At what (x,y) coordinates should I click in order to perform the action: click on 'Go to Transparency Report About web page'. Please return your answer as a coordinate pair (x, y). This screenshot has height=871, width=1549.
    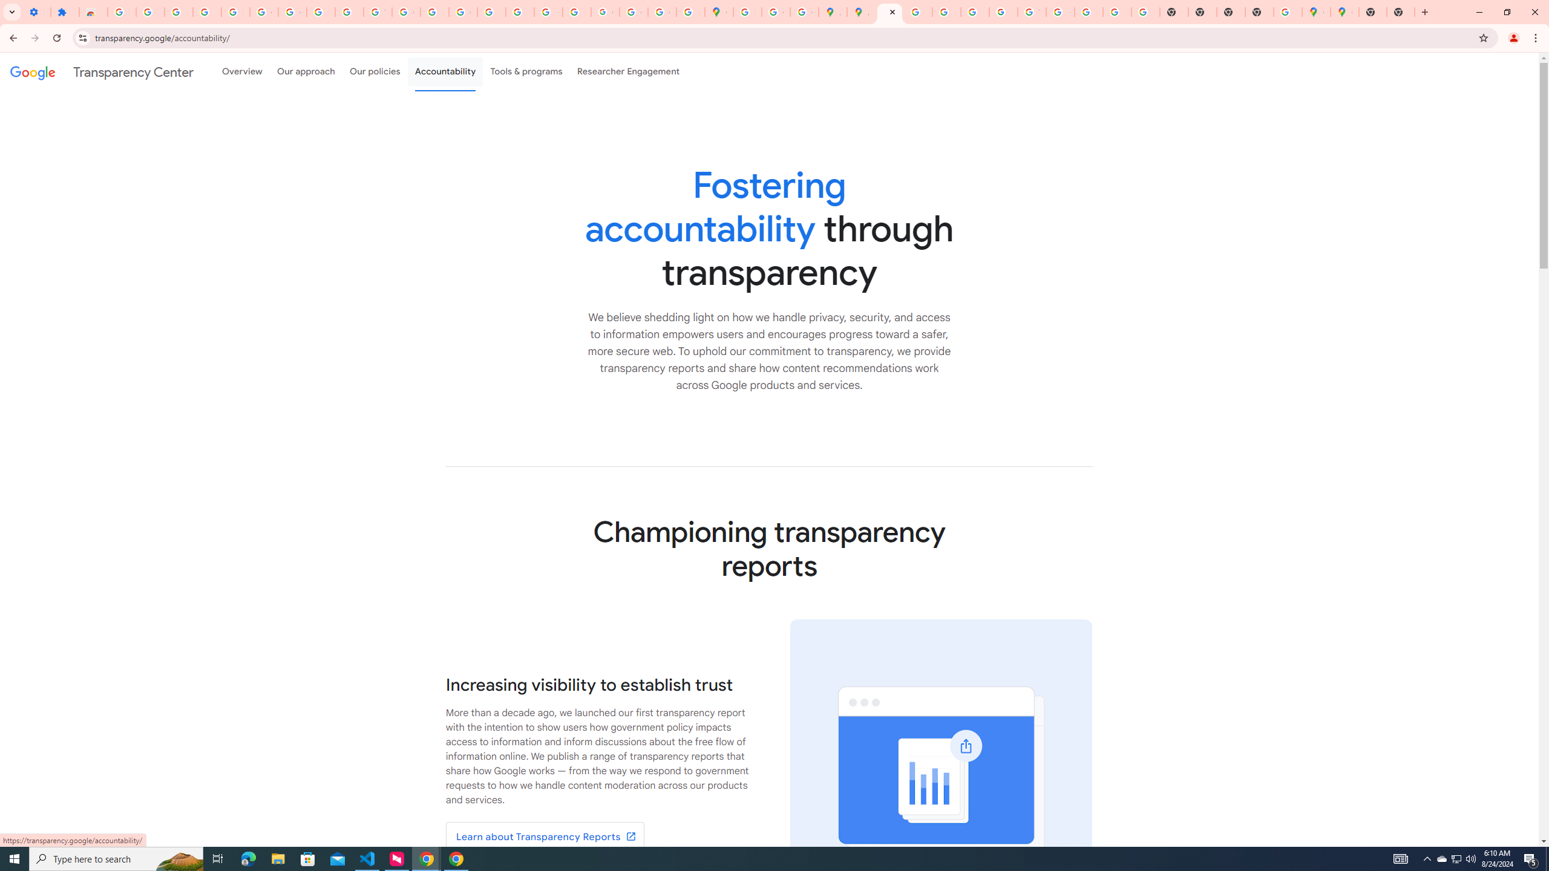
    Looking at the image, I should click on (545, 836).